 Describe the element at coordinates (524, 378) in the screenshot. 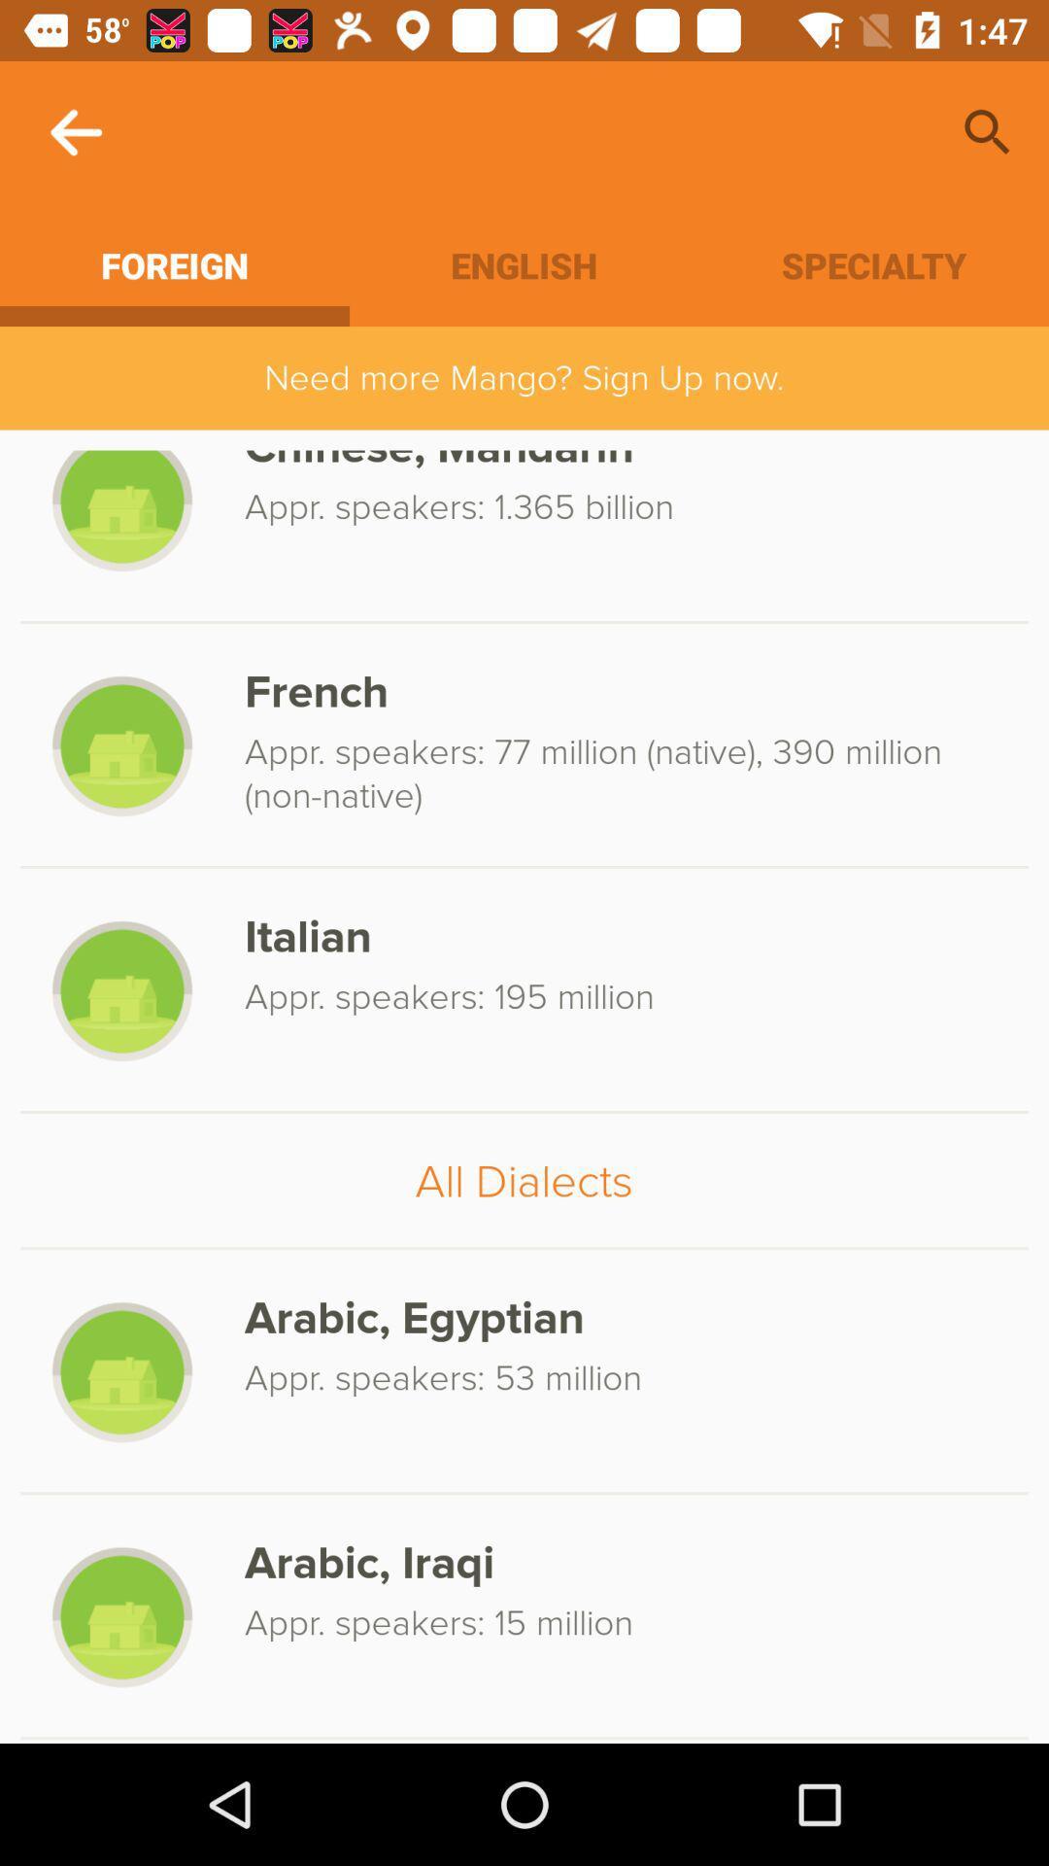

I see `item below foreign icon` at that location.